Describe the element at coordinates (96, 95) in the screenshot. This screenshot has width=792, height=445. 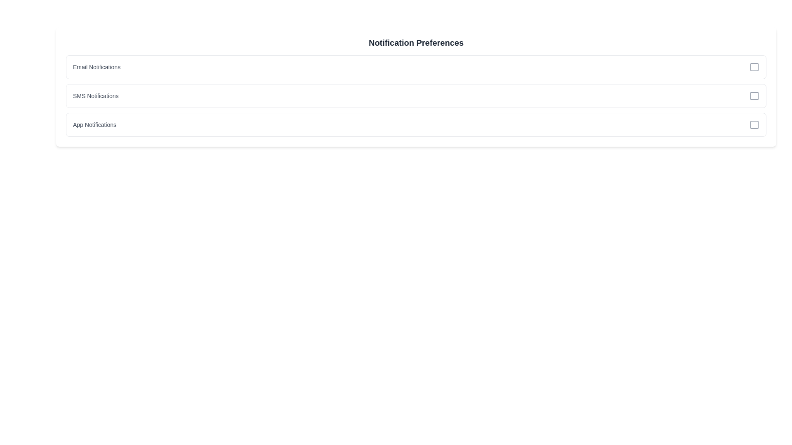
I see `text label displaying 'SMS Notifications' which is located in the center-left area of its option card, styled with a smaller gray font` at that location.